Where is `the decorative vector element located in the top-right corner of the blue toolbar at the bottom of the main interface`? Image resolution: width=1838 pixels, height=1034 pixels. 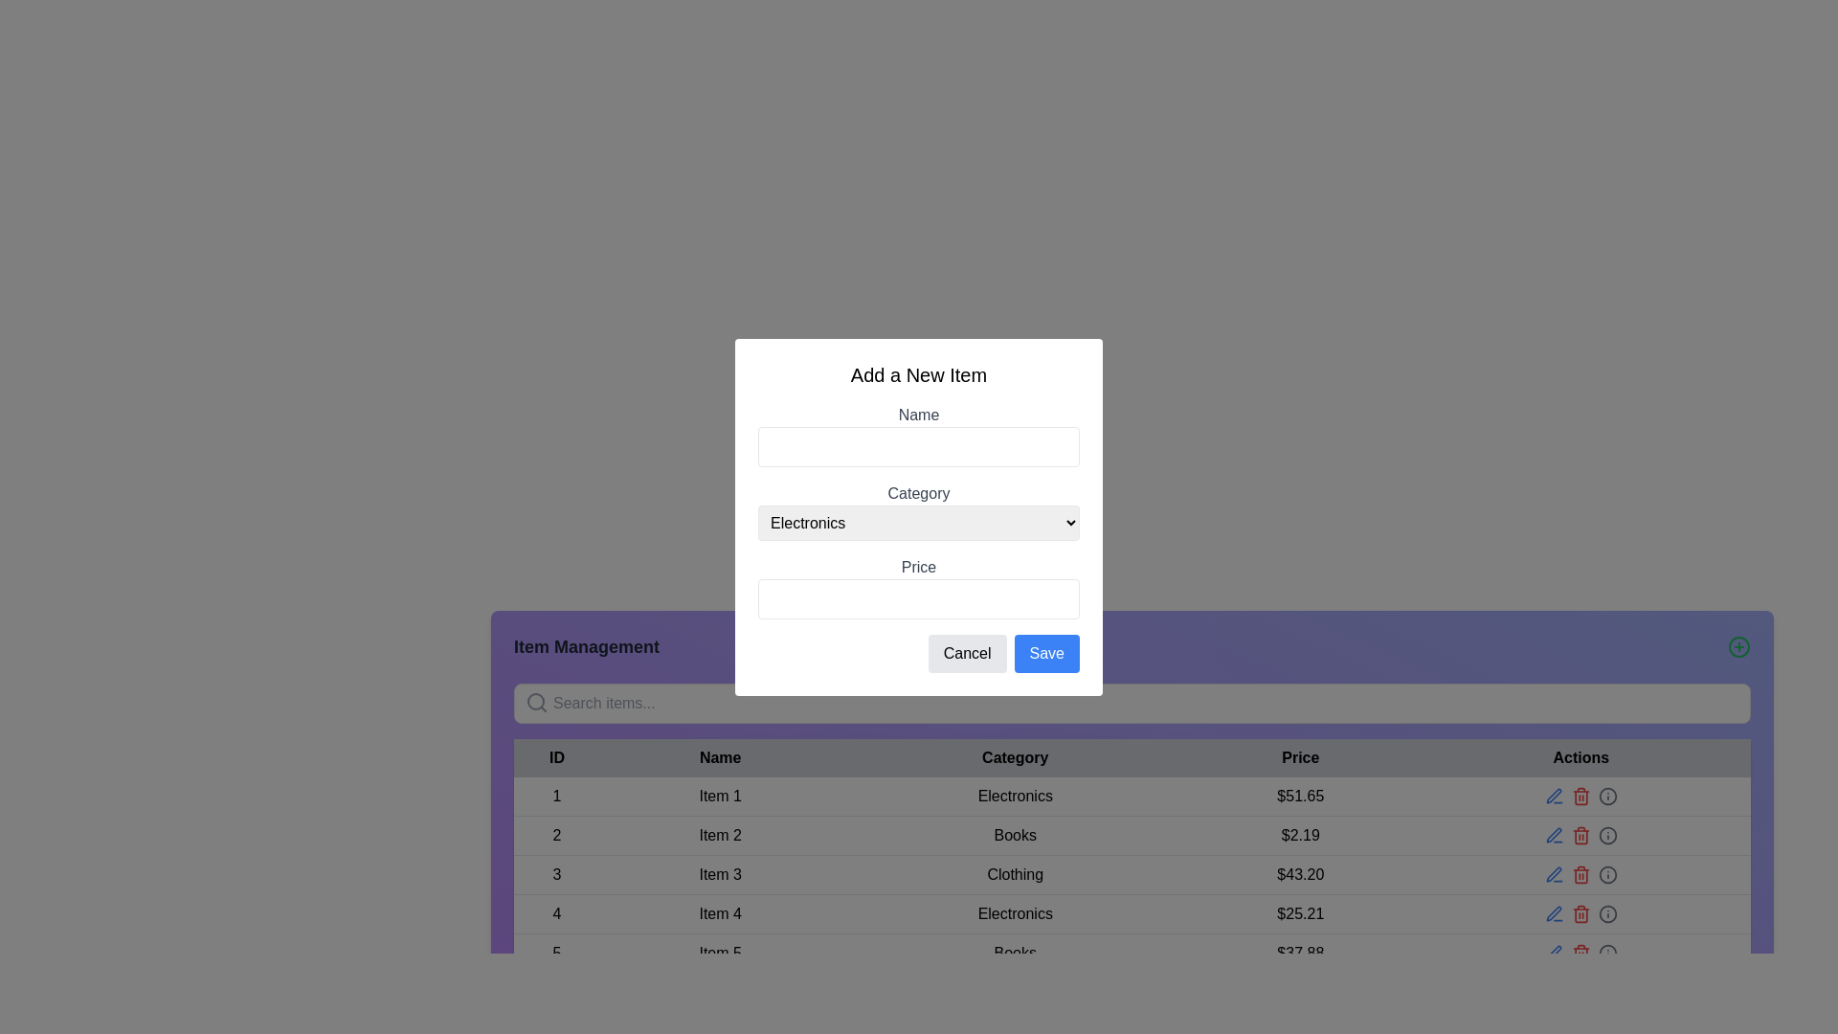 the decorative vector element located in the top-right corner of the blue toolbar at the bottom of the main interface is located at coordinates (1739, 646).